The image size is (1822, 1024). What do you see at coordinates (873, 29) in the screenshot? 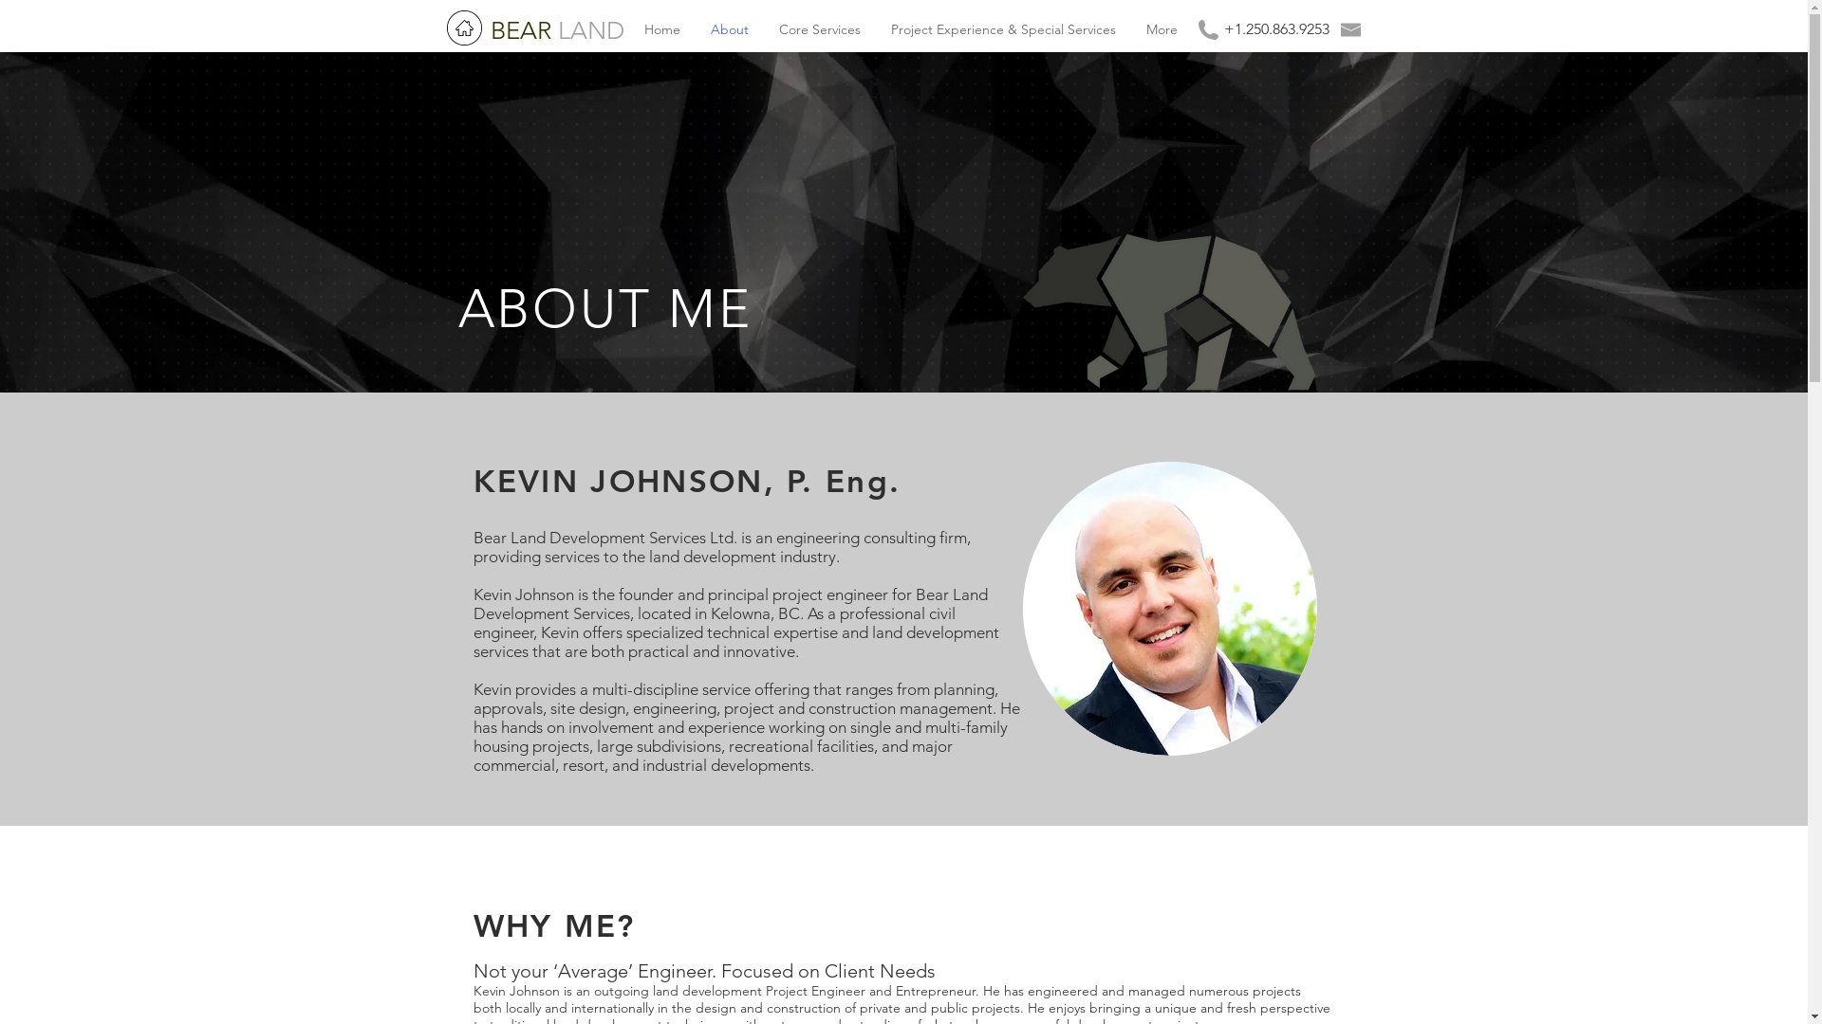
I see `'Project Experience & Special Services'` at bounding box center [873, 29].